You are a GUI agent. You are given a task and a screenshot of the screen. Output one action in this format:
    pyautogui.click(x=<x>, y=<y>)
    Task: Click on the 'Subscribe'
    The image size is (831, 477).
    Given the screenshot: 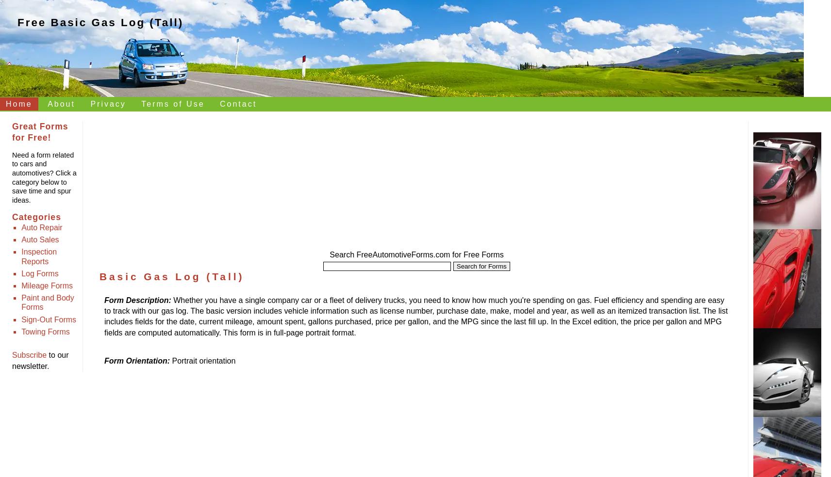 What is the action you would take?
    pyautogui.click(x=29, y=355)
    